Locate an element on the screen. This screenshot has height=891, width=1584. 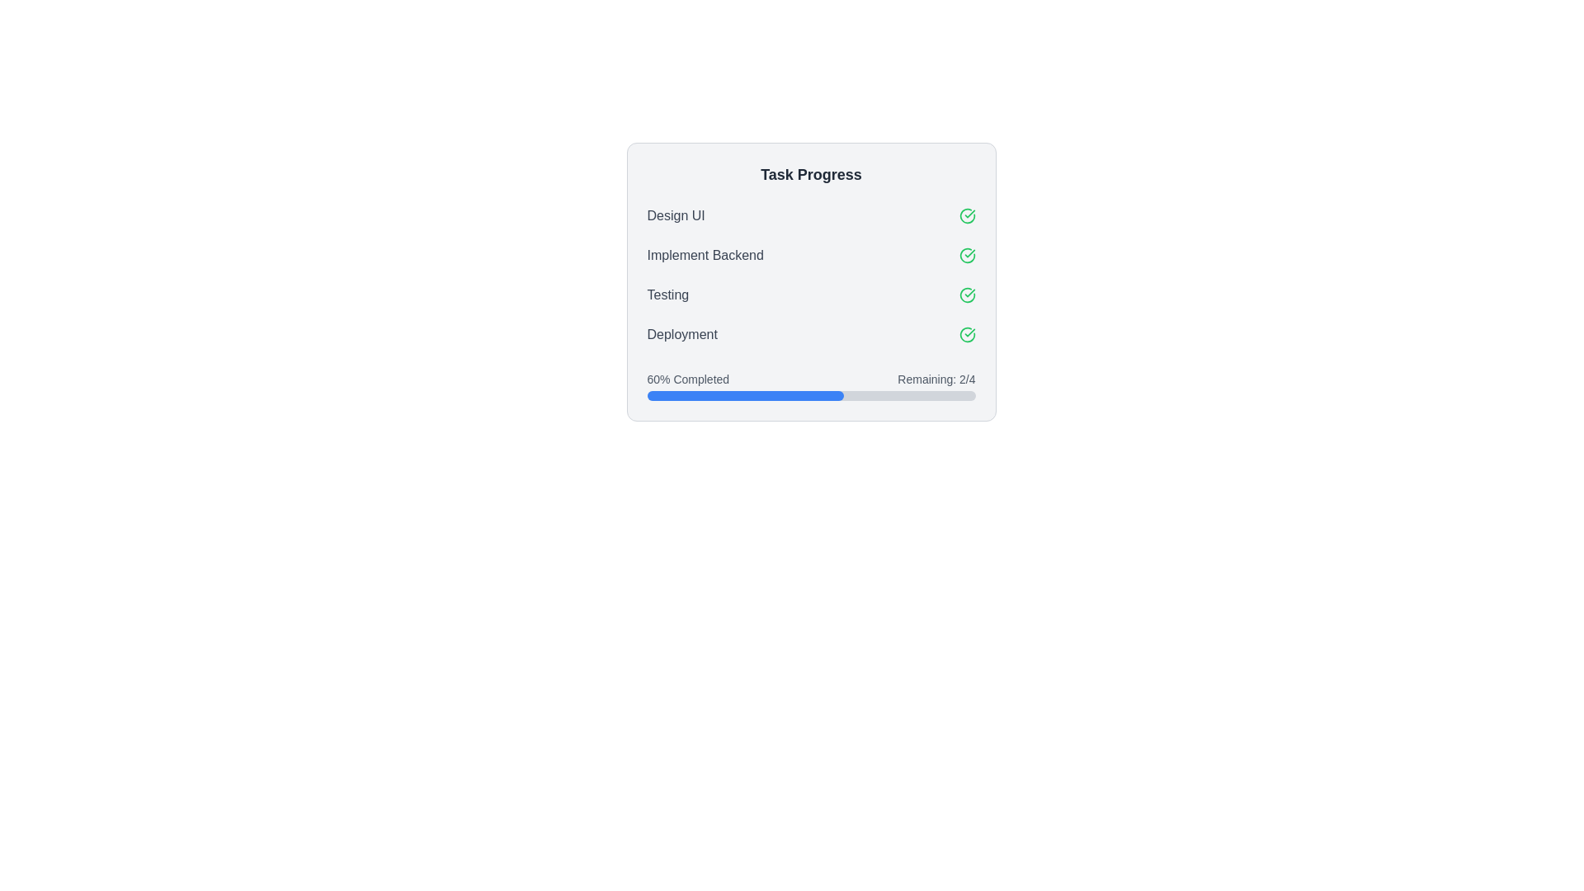
the second text label is located at coordinates (705, 255).